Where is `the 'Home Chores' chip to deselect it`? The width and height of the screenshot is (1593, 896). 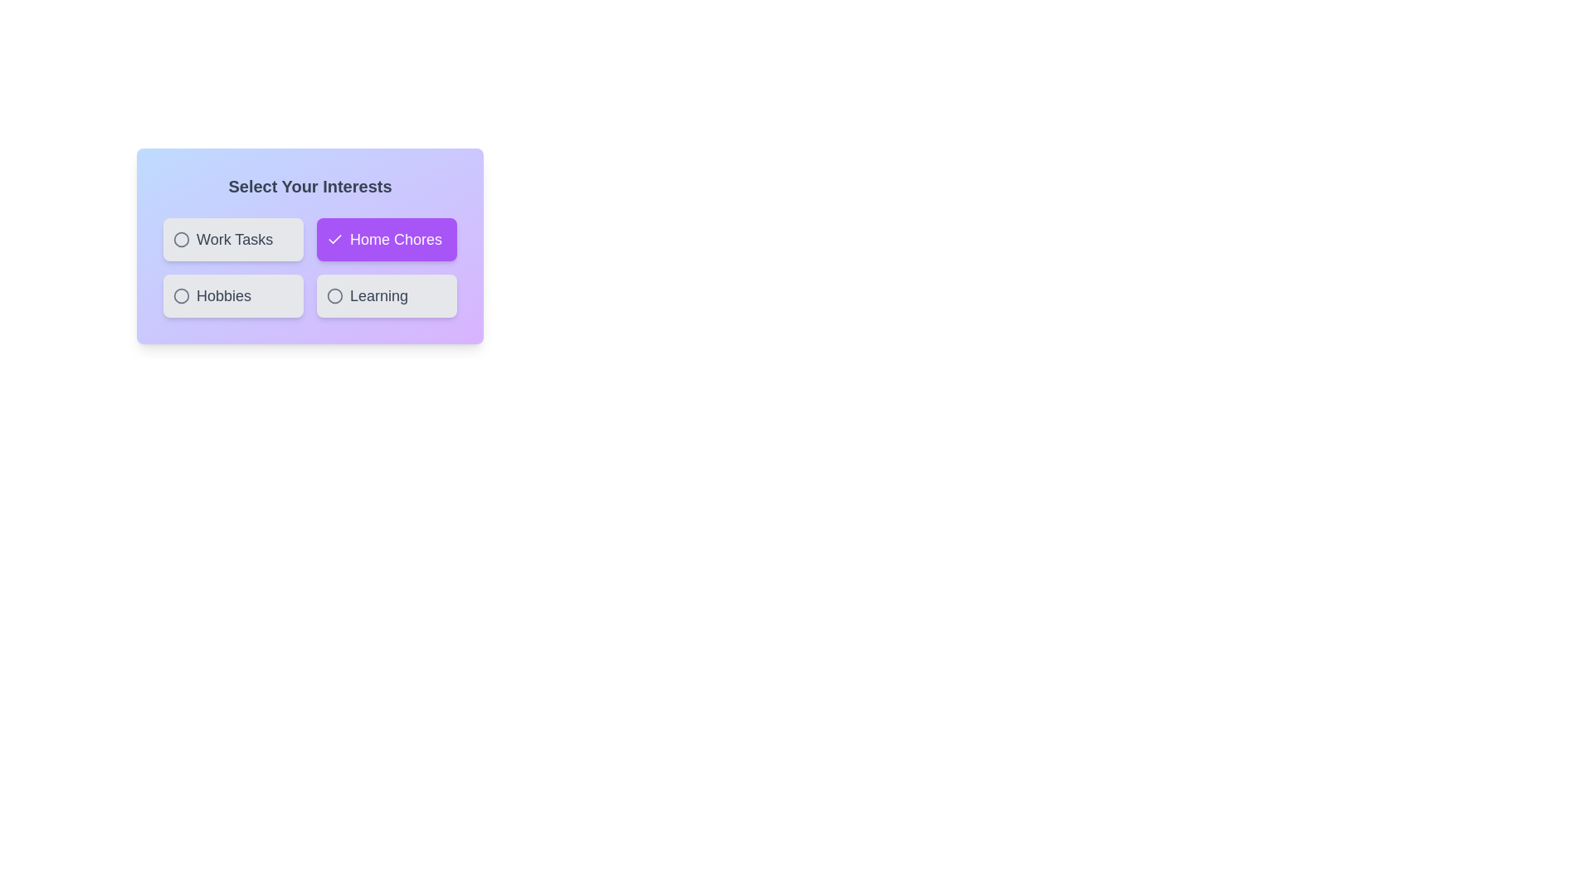 the 'Home Chores' chip to deselect it is located at coordinates (385, 240).